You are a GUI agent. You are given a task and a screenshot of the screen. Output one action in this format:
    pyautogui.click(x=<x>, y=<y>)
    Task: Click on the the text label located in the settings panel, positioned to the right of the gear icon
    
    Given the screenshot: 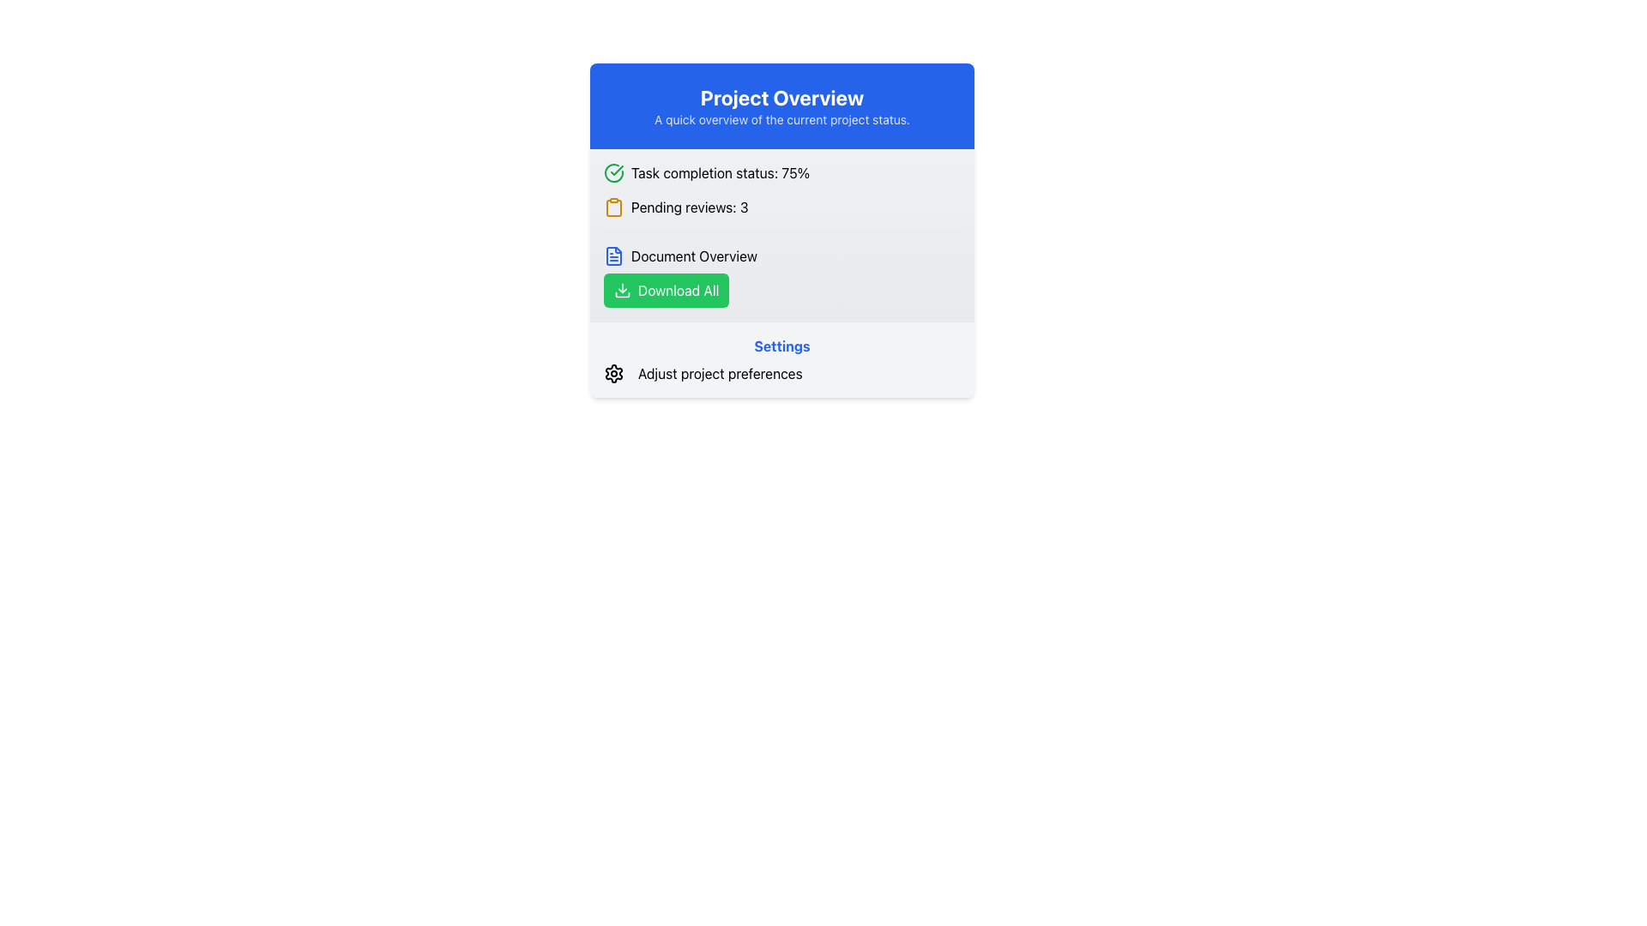 What is the action you would take?
    pyautogui.click(x=720, y=372)
    